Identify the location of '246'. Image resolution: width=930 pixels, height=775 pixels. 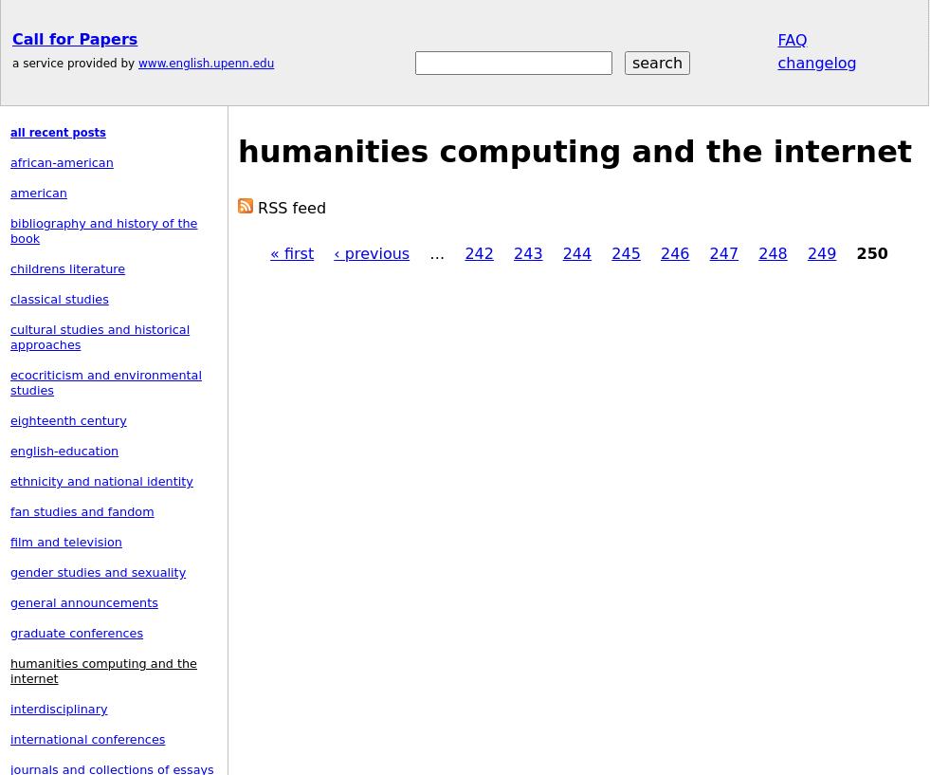
(660, 253).